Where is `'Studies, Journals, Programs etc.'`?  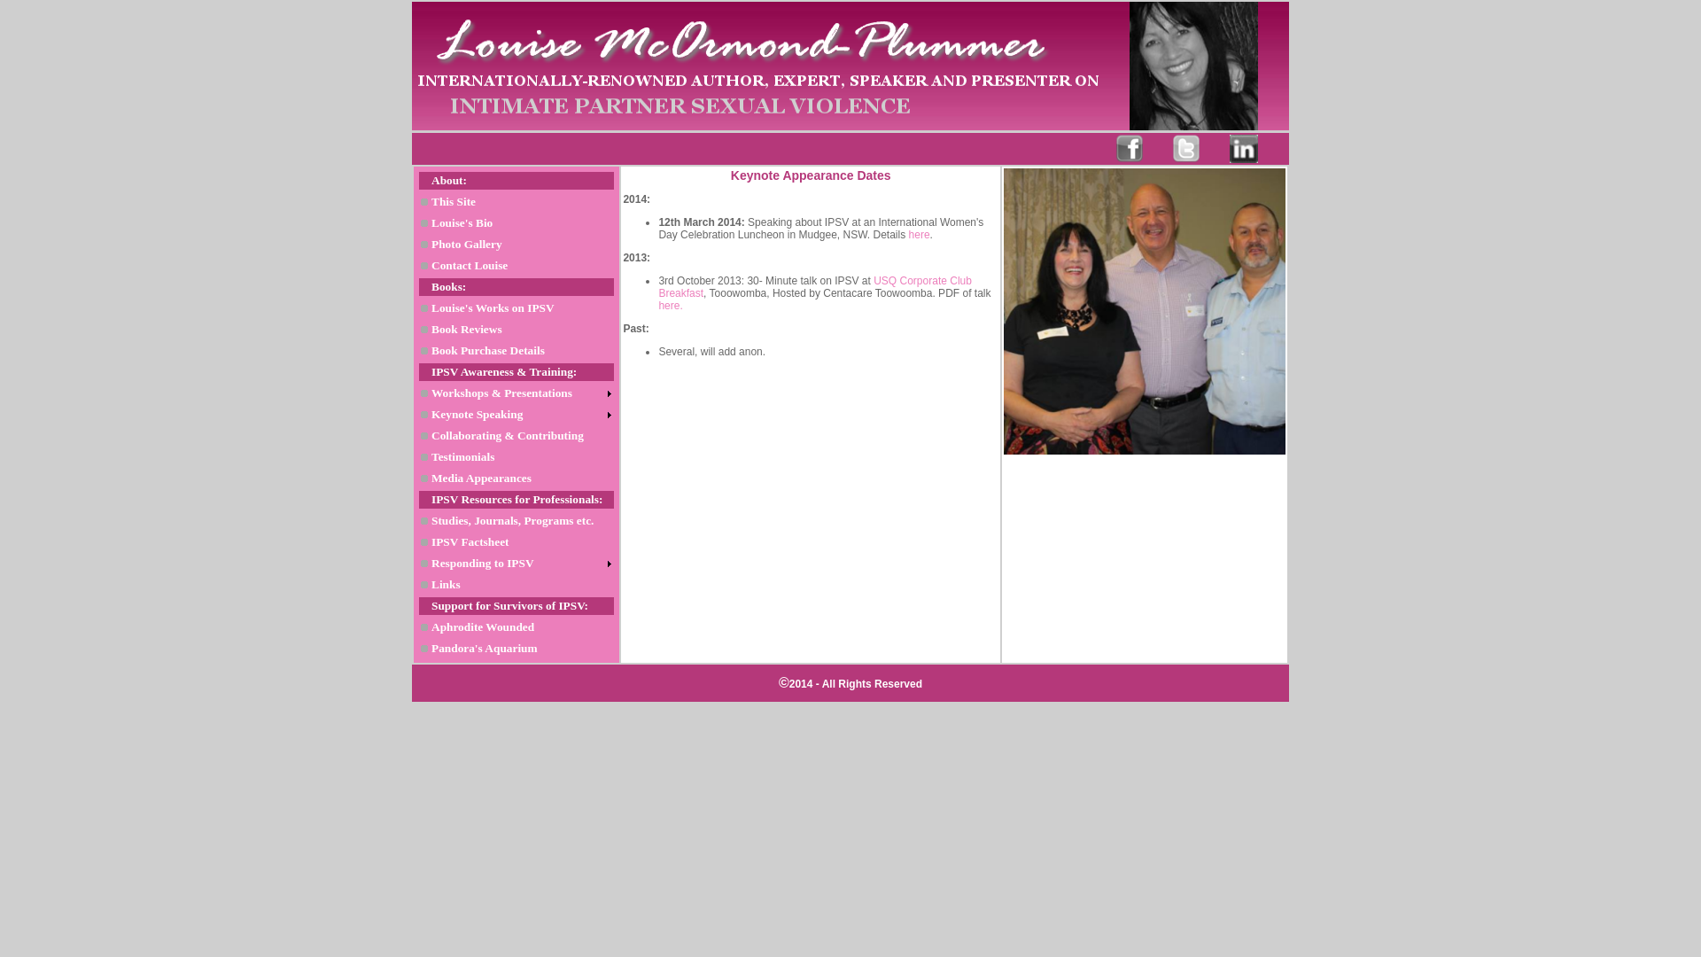
'Studies, Journals, Programs etc.' is located at coordinates (515, 519).